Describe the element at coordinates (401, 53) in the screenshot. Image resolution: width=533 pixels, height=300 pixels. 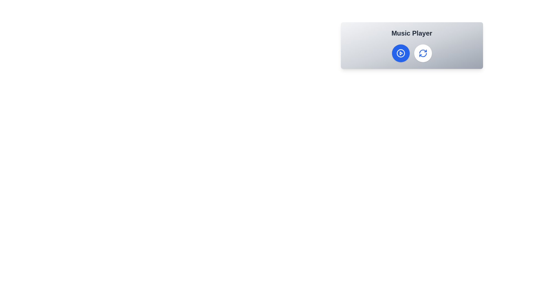
I see `the circular outline icon inside the blue play button located at the top-center of the interface beneath the 'Music Player' label` at that location.